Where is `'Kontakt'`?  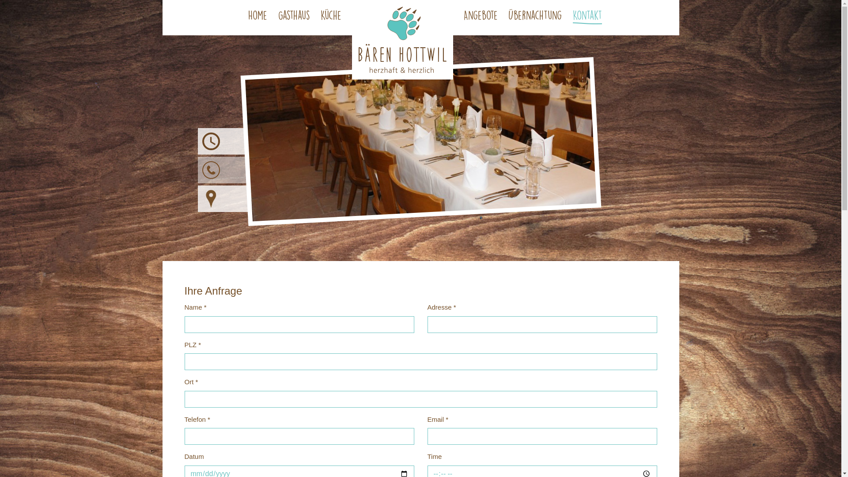
'Kontakt' is located at coordinates (587, 17).